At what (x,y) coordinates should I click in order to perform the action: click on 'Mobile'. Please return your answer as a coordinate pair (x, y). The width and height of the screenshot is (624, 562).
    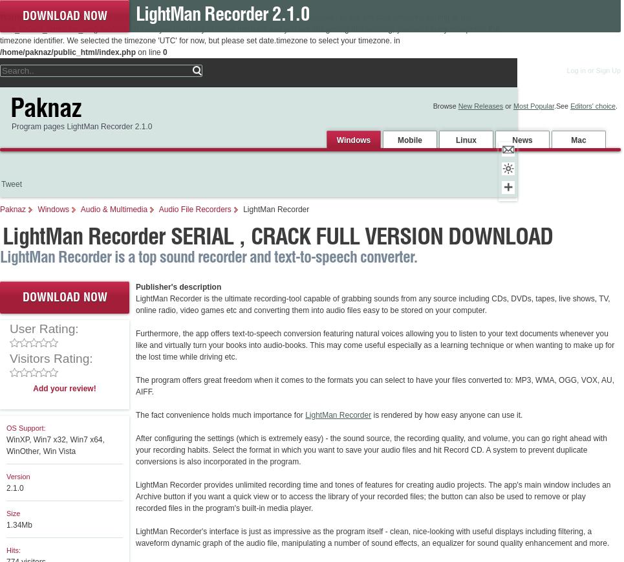
    Looking at the image, I should click on (410, 139).